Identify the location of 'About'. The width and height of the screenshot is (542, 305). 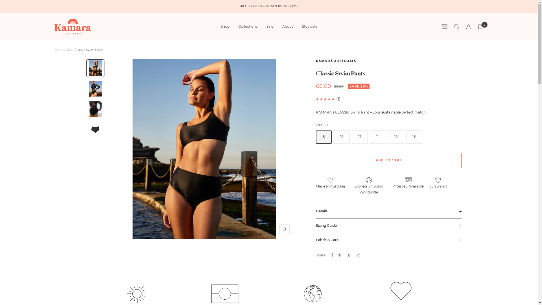
(287, 27).